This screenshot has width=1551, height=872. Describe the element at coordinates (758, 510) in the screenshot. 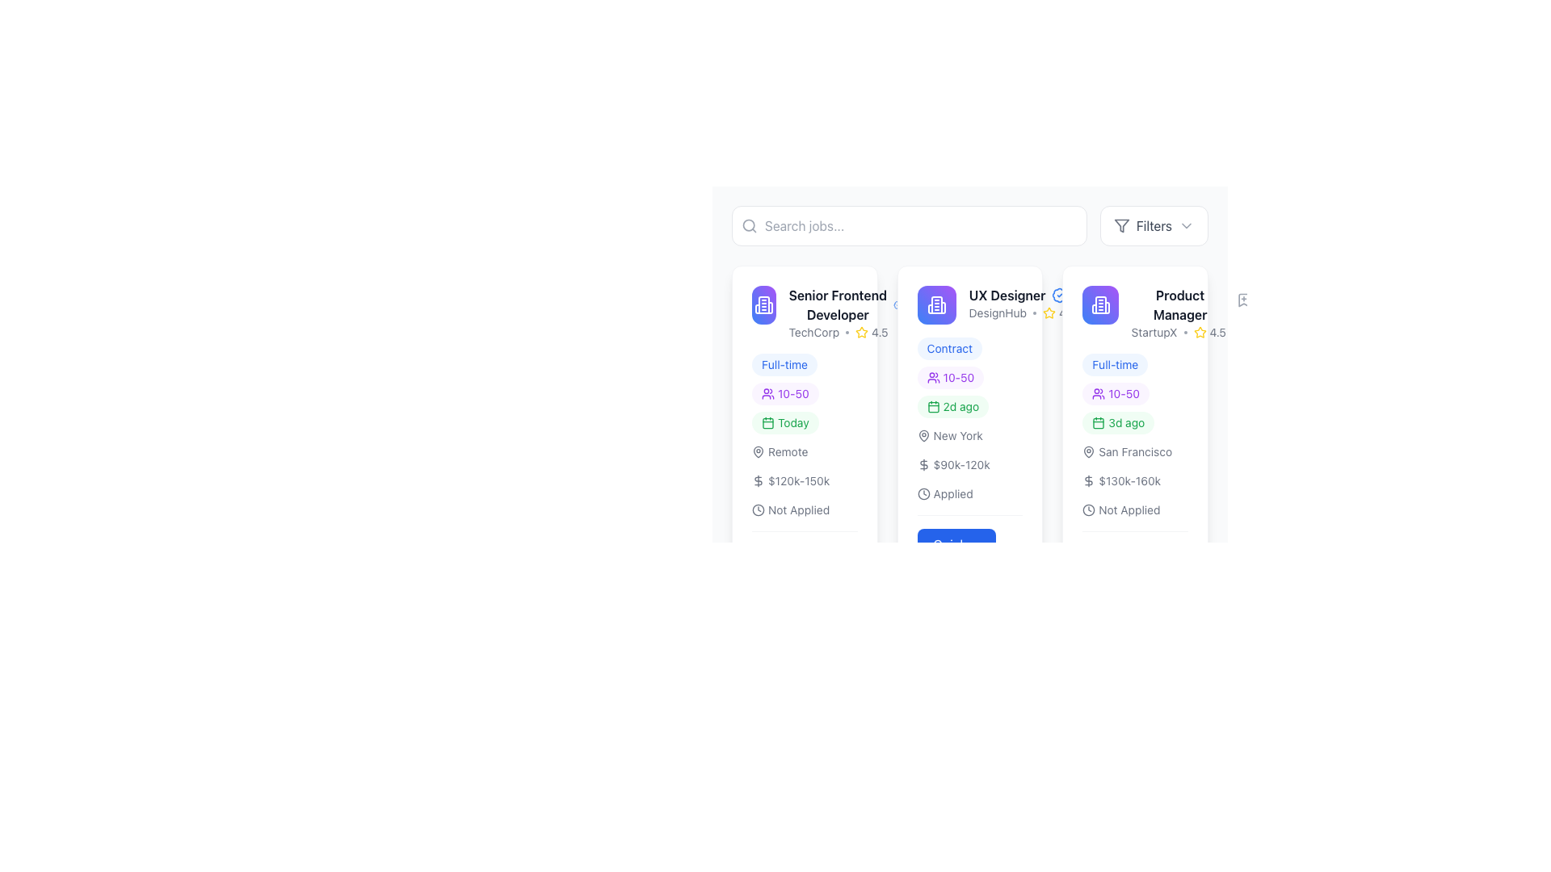

I see `the clock icon element located before the 'Not Applied' label in the job description card` at that location.